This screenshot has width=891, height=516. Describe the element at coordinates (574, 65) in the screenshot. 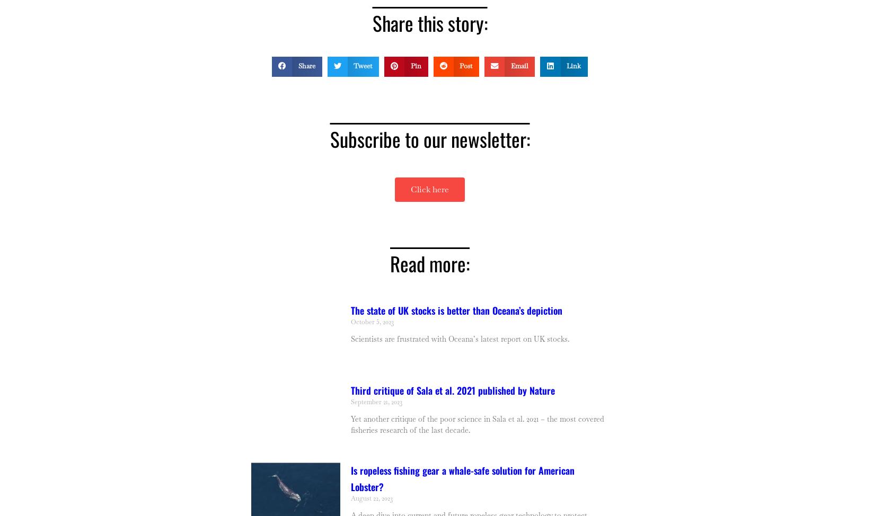

I see `'Link'` at that location.